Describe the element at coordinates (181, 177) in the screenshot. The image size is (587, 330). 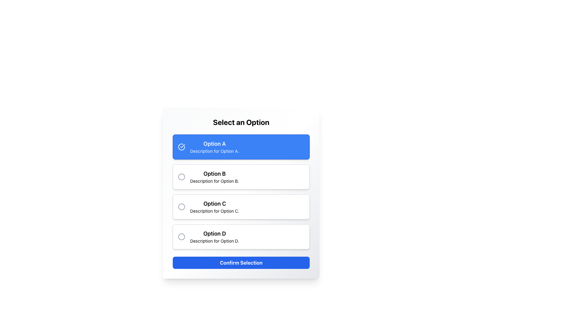
I see `the radio button for 'Option B'` at that location.